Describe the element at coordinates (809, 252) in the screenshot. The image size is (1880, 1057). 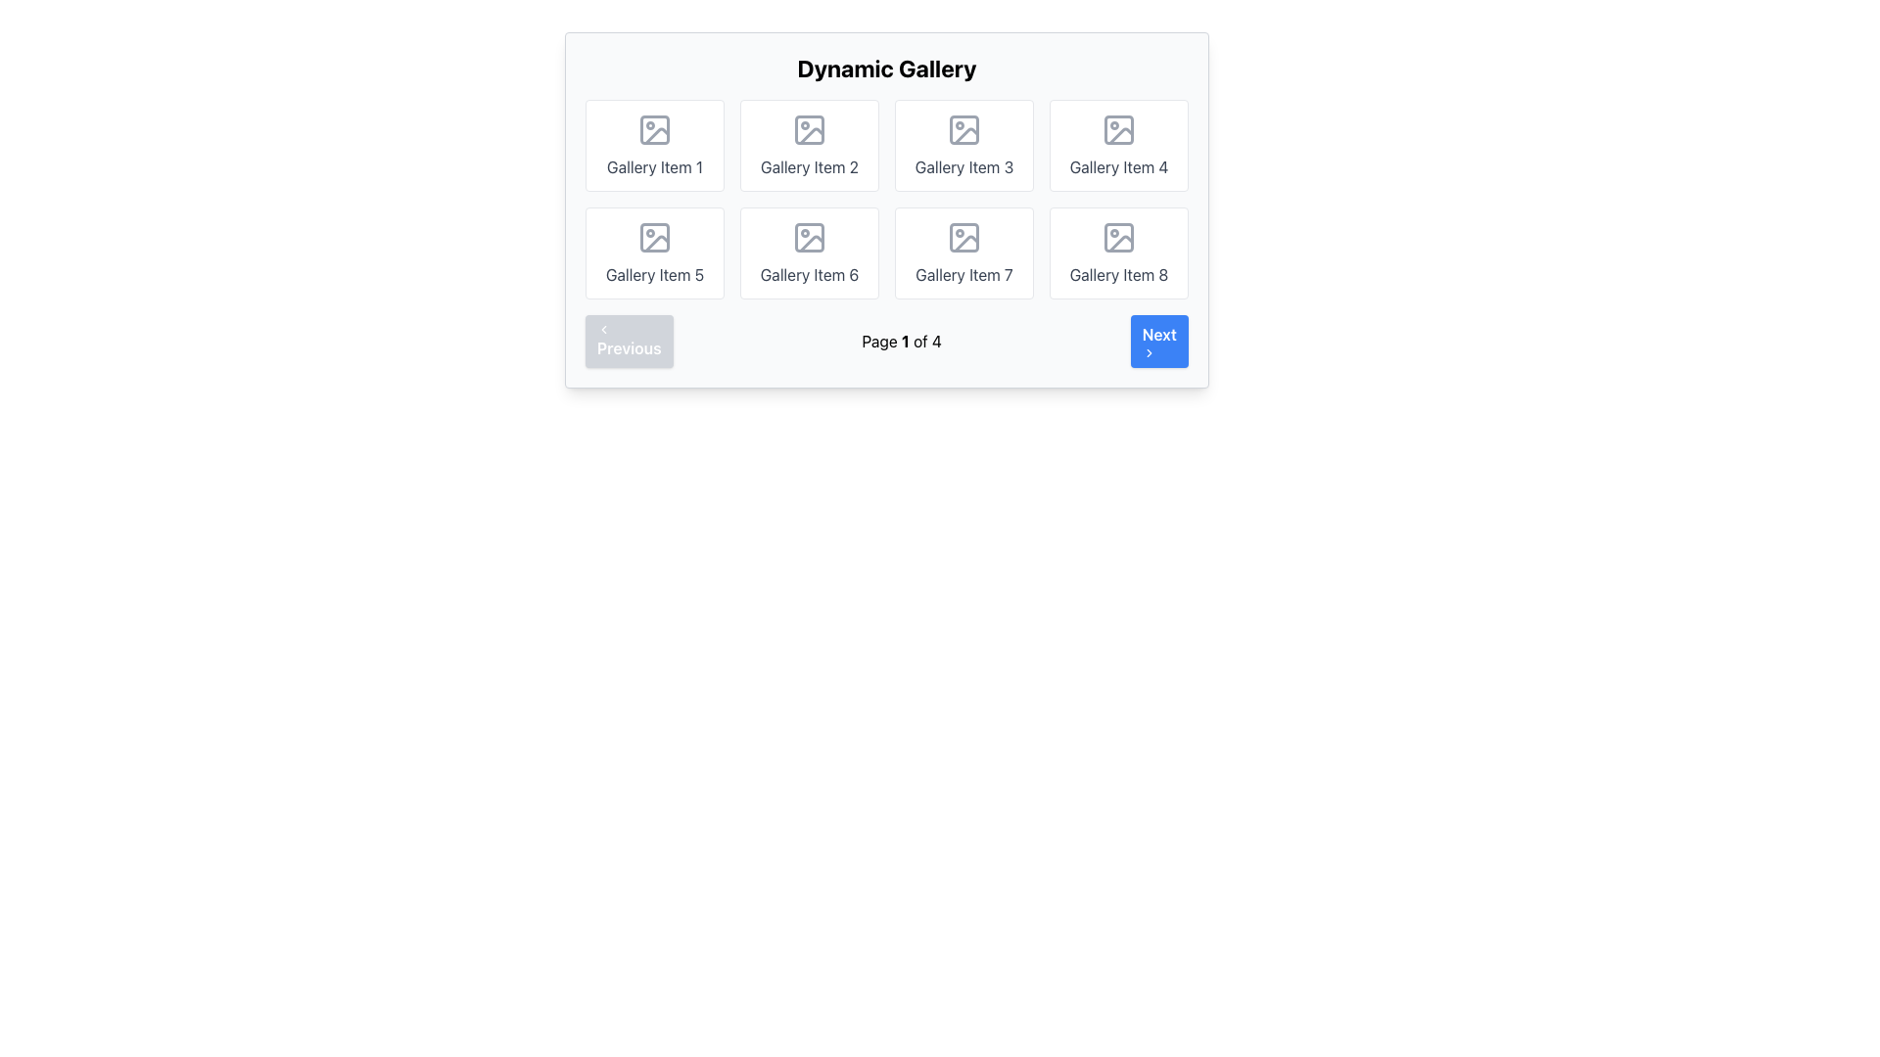
I see `the card labeled 'Gallery Item 6', which features a rounded rectangular white border, a photo icon, and gray text in a sans-serif font` at that location.